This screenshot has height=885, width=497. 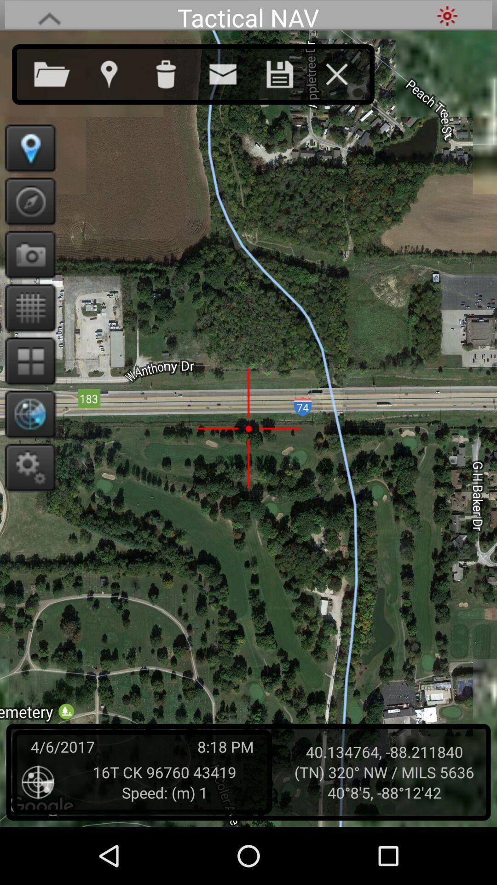 What do you see at coordinates (27, 201) in the screenshot?
I see `point to north` at bounding box center [27, 201].